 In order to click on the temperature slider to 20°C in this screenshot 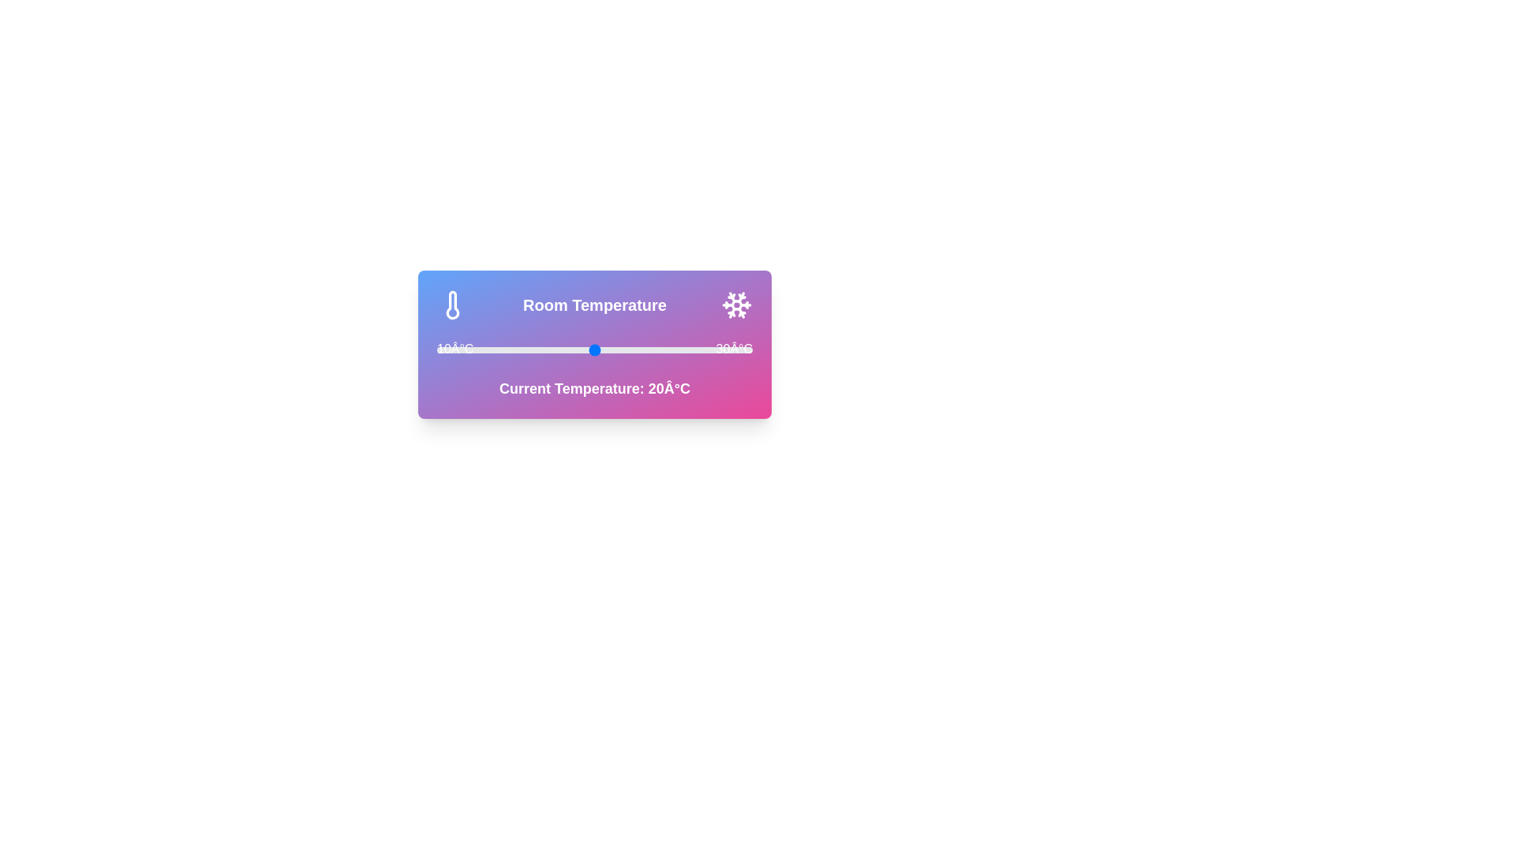, I will do `click(593, 349)`.